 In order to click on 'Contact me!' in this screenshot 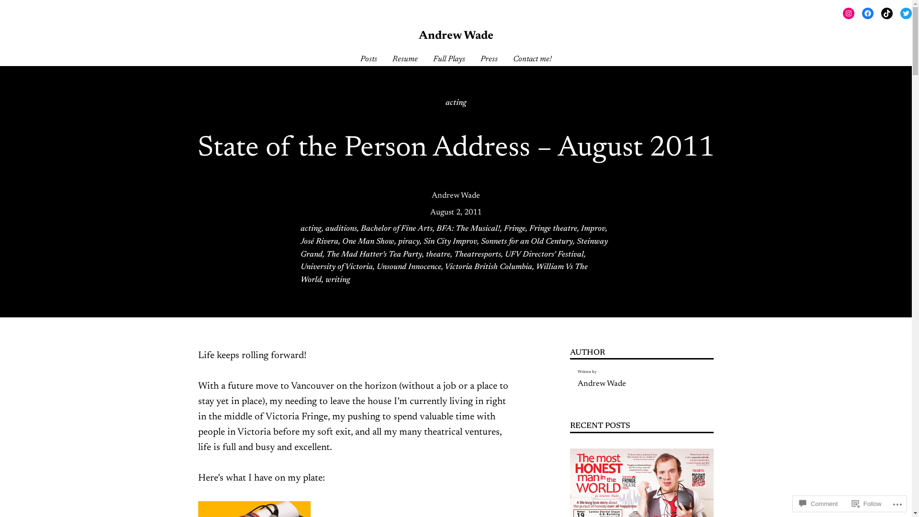, I will do `click(532, 59)`.